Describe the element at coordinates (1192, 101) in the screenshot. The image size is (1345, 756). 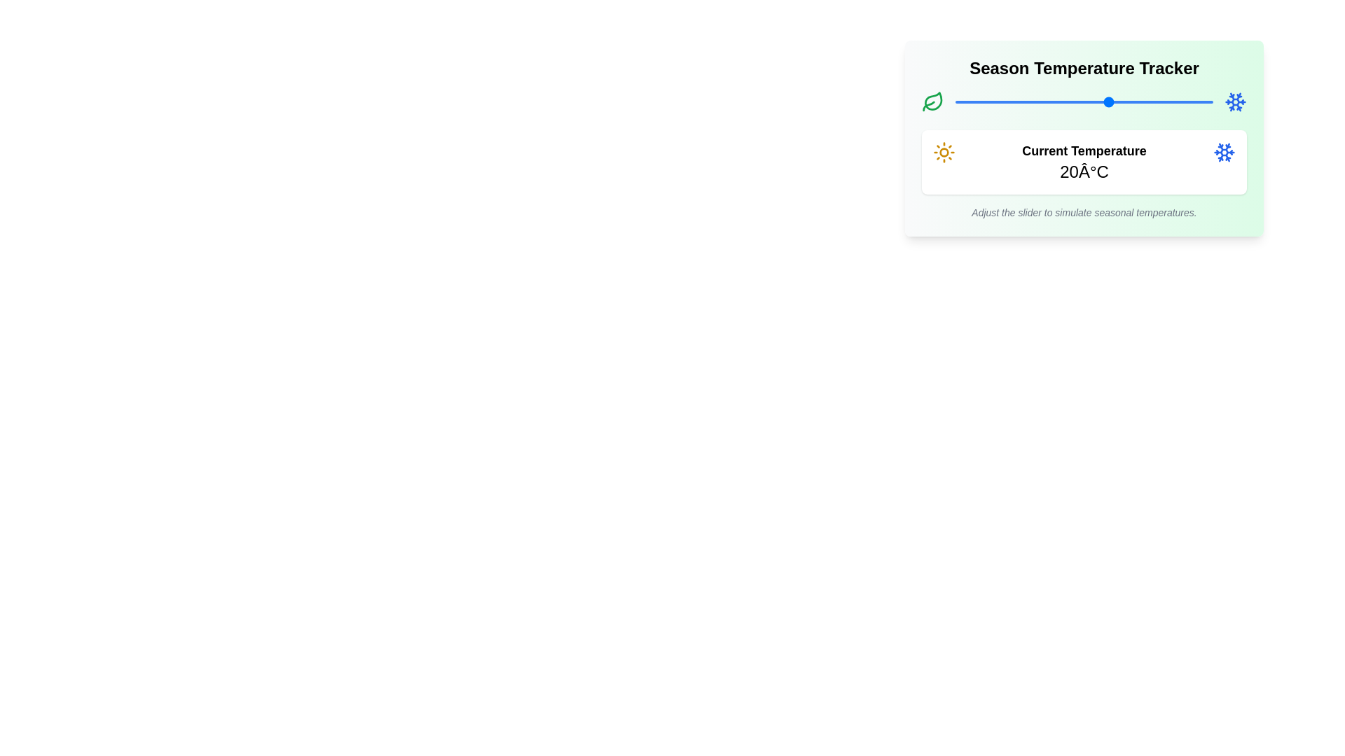
I see `the slider to set the temperature to 36°C` at that location.